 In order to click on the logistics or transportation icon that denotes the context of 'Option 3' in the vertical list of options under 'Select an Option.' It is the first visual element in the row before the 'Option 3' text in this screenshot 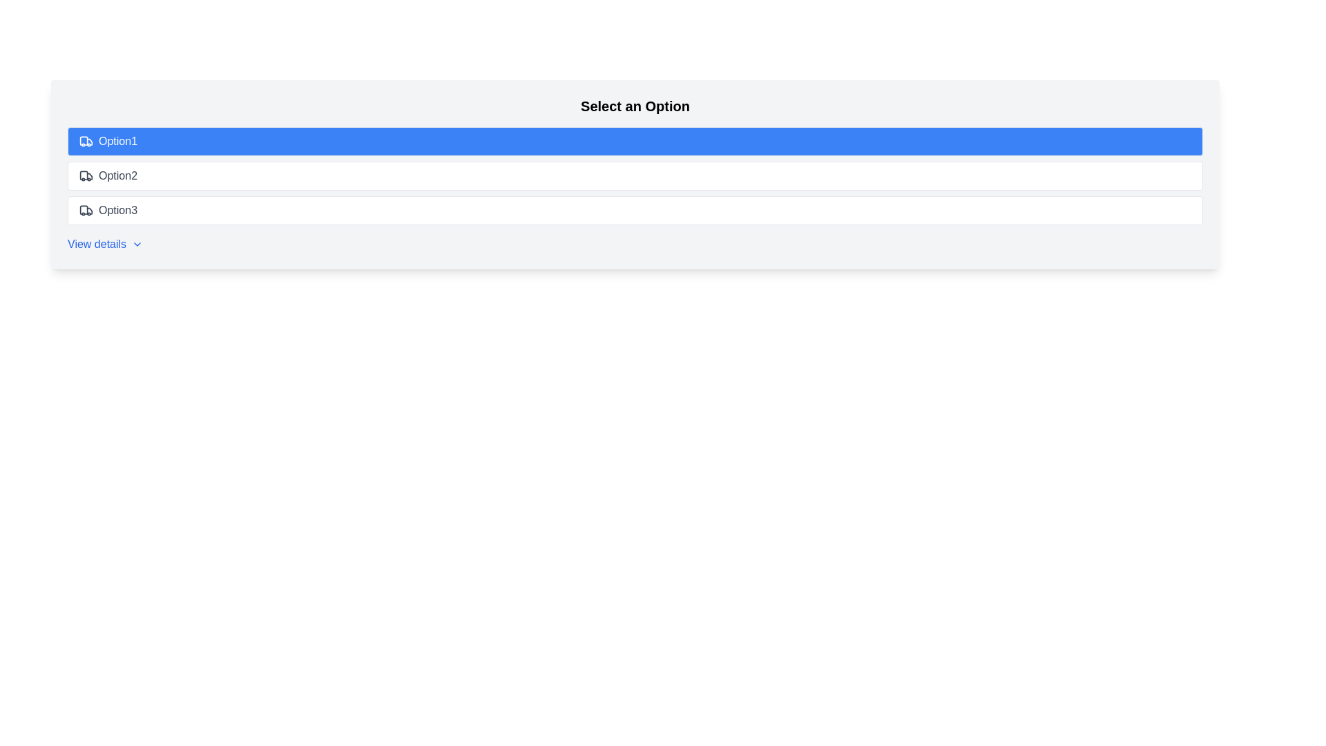, I will do `click(85, 210)`.